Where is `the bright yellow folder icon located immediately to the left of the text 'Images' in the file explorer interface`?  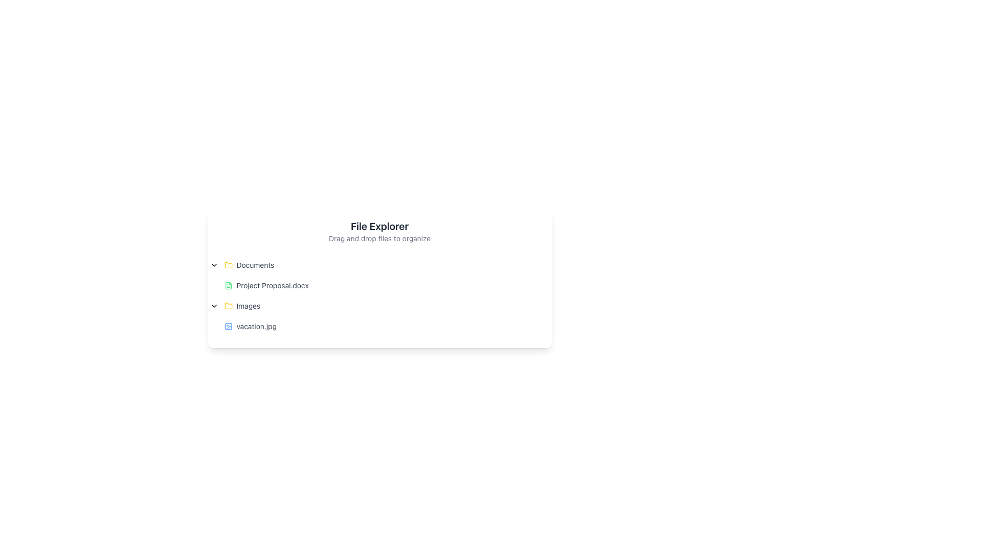
the bright yellow folder icon located immediately to the left of the text 'Images' in the file explorer interface is located at coordinates (228, 305).